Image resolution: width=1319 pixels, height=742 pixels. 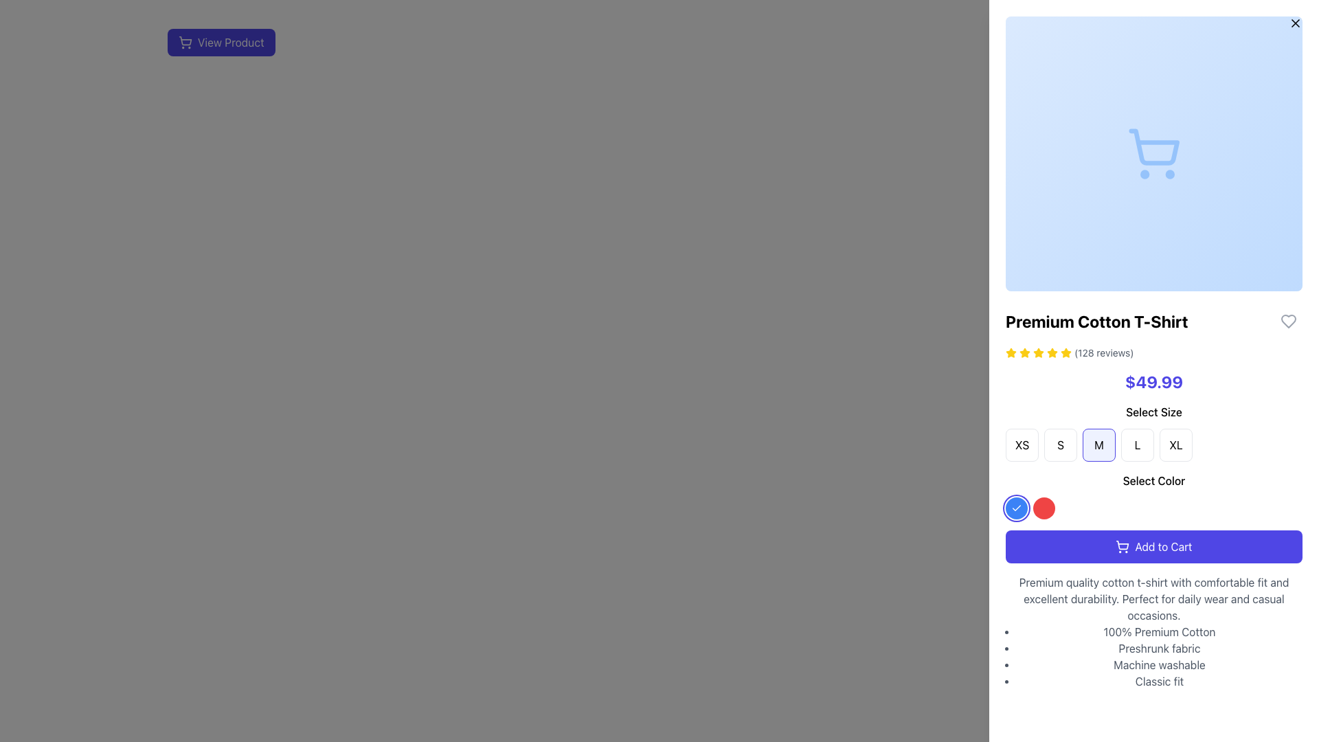 What do you see at coordinates (1051, 352) in the screenshot?
I see `the fourth yellow star icon in the rating component, which visually resembles a classic five-pointed star, located in the product details section near the title and price` at bounding box center [1051, 352].